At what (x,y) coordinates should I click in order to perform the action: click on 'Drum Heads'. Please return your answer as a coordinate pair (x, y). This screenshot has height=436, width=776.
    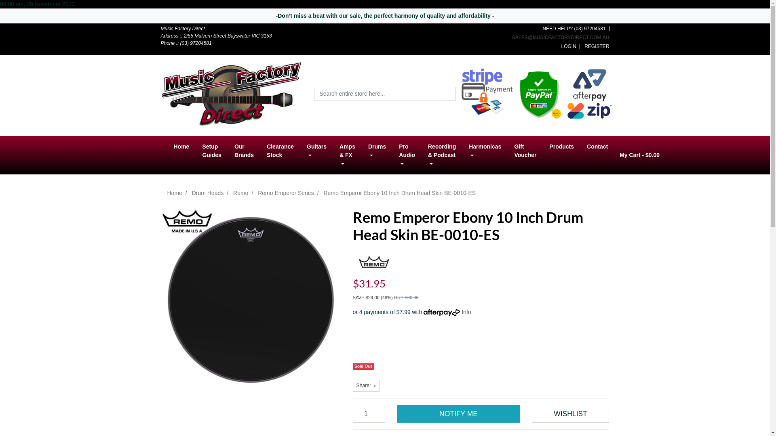
    Looking at the image, I should click on (208, 193).